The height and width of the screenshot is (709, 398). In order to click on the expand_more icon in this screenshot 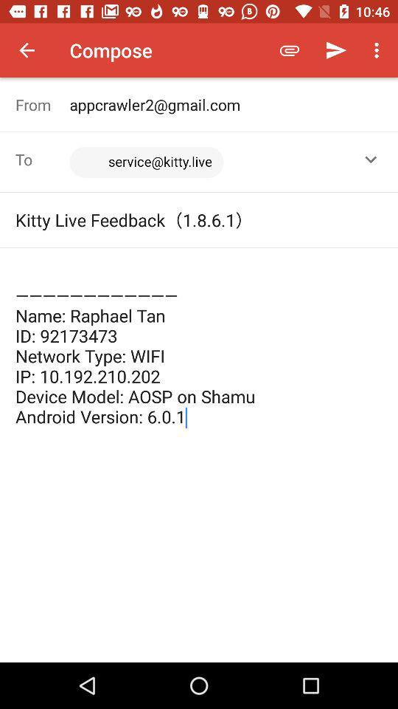, I will do `click(370, 160)`.